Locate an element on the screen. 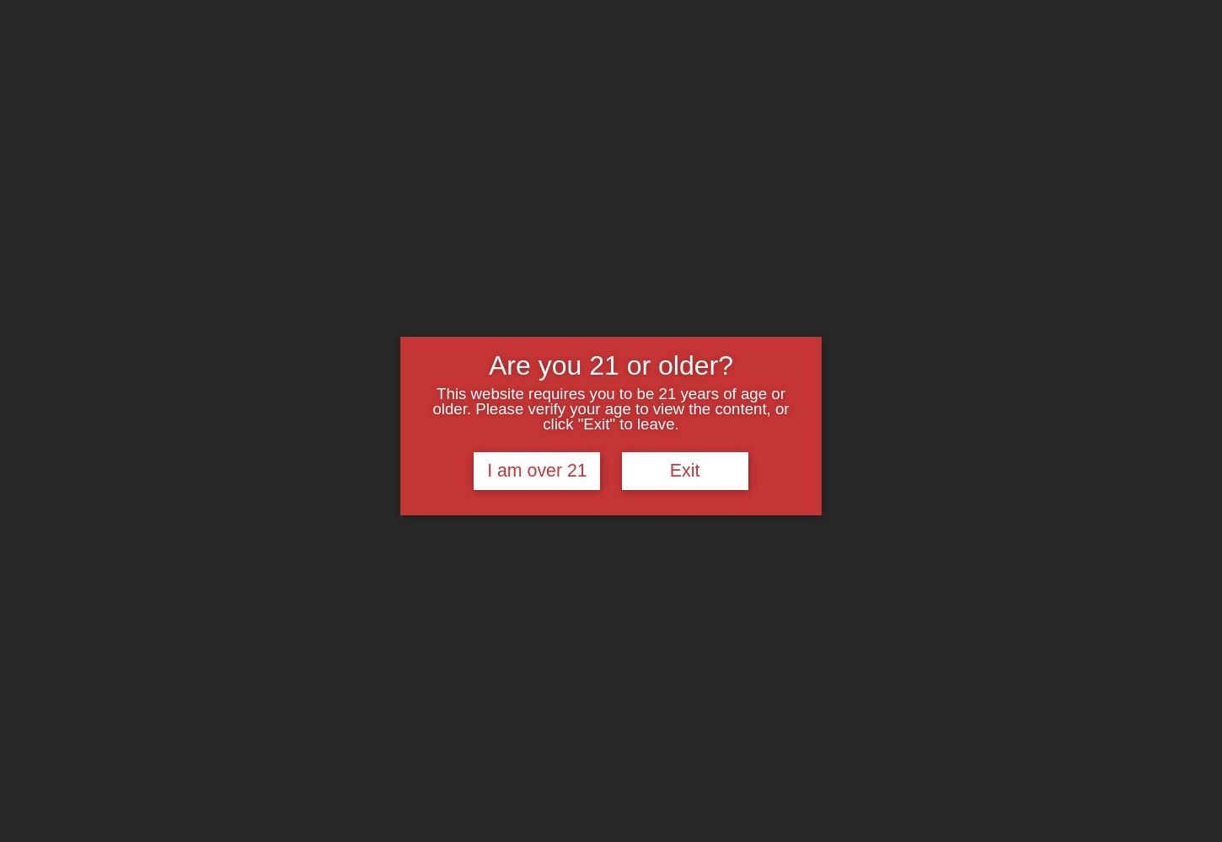 The image size is (1222, 842). 'Robusto' is located at coordinates (772, 135).